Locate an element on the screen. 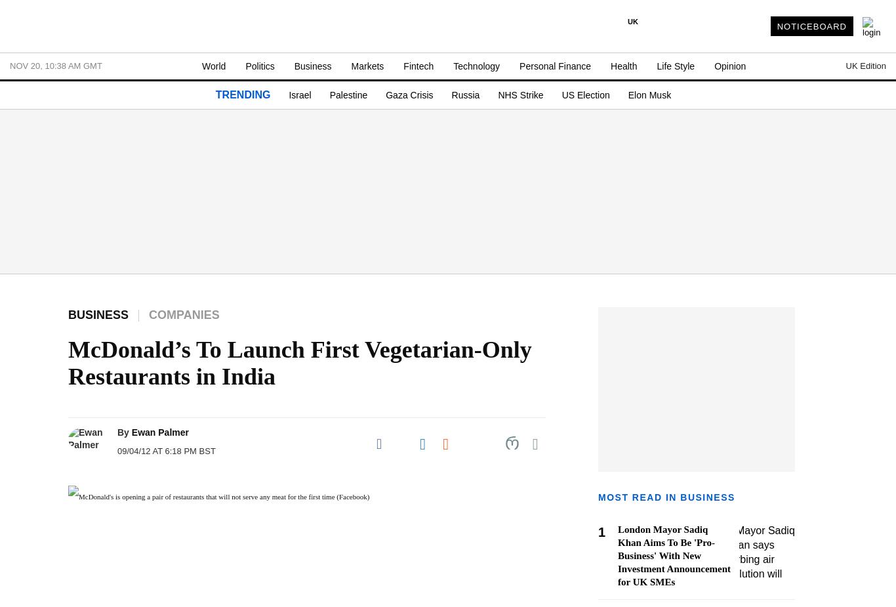  'McDonald’s To Launch First Vegetarian-Only Restaurants  in India' is located at coordinates (300, 362).